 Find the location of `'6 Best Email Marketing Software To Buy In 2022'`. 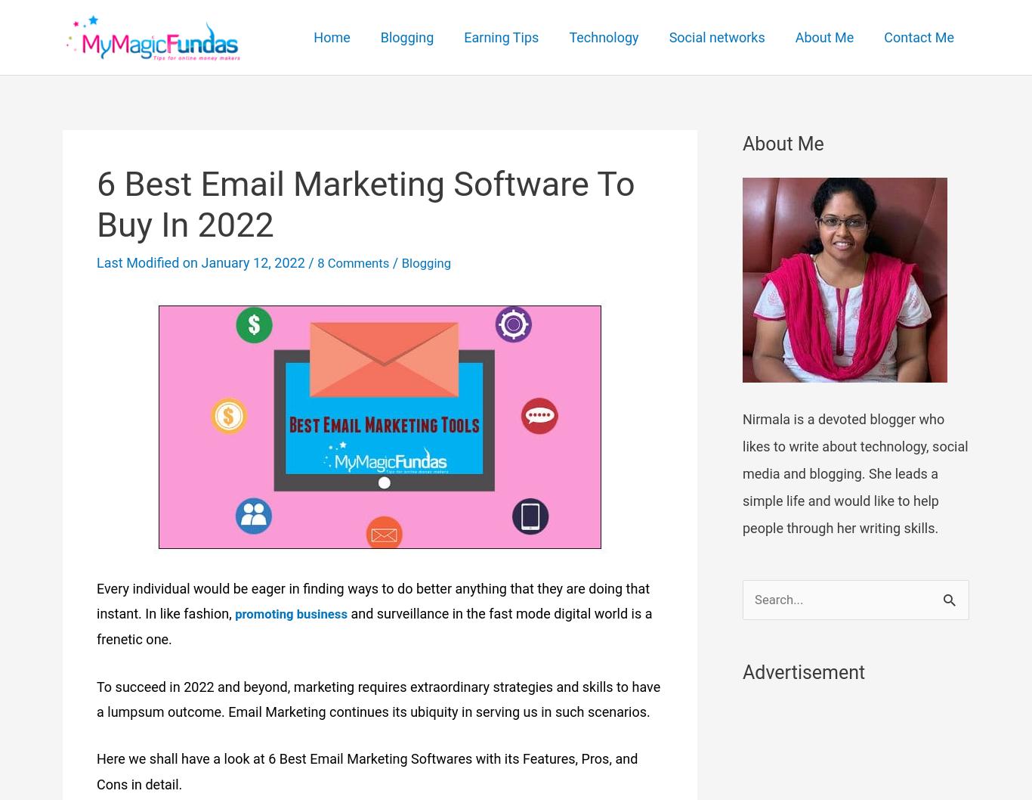

'6 Best Email Marketing Software To Buy In 2022' is located at coordinates (365, 203).